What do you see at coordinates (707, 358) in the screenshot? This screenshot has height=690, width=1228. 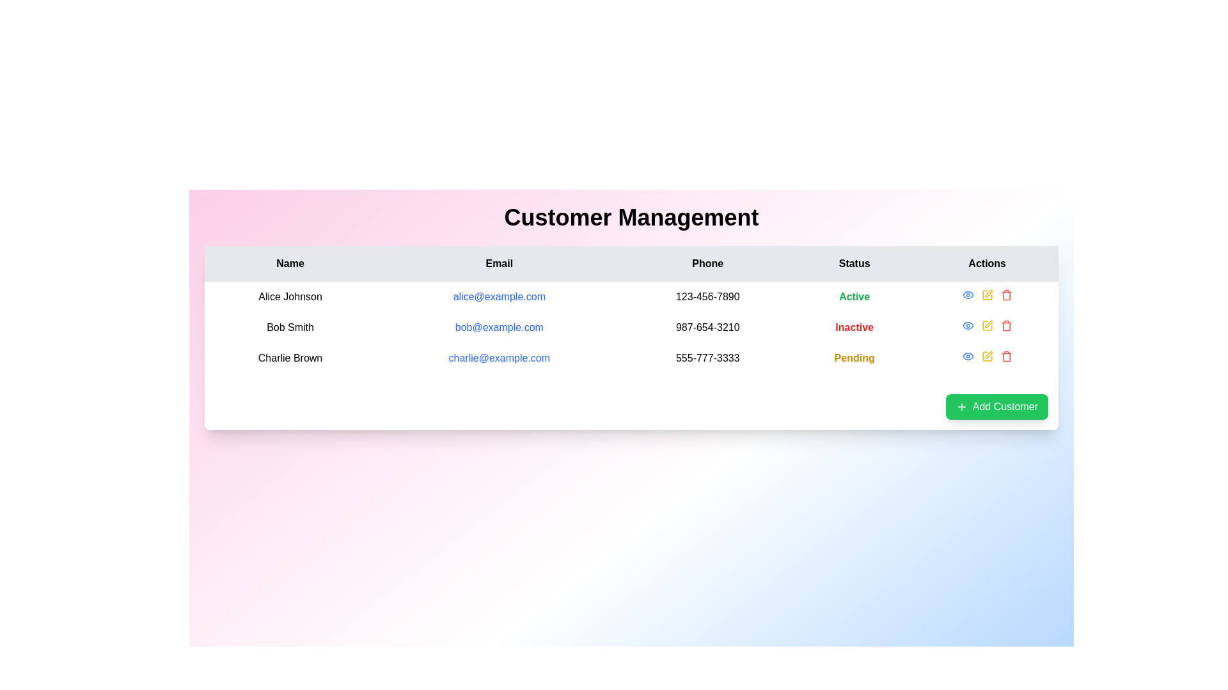 I see `the static text display for the phone number '555-777-3333' located in the third row of the table under the 'Phone' column` at bounding box center [707, 358].